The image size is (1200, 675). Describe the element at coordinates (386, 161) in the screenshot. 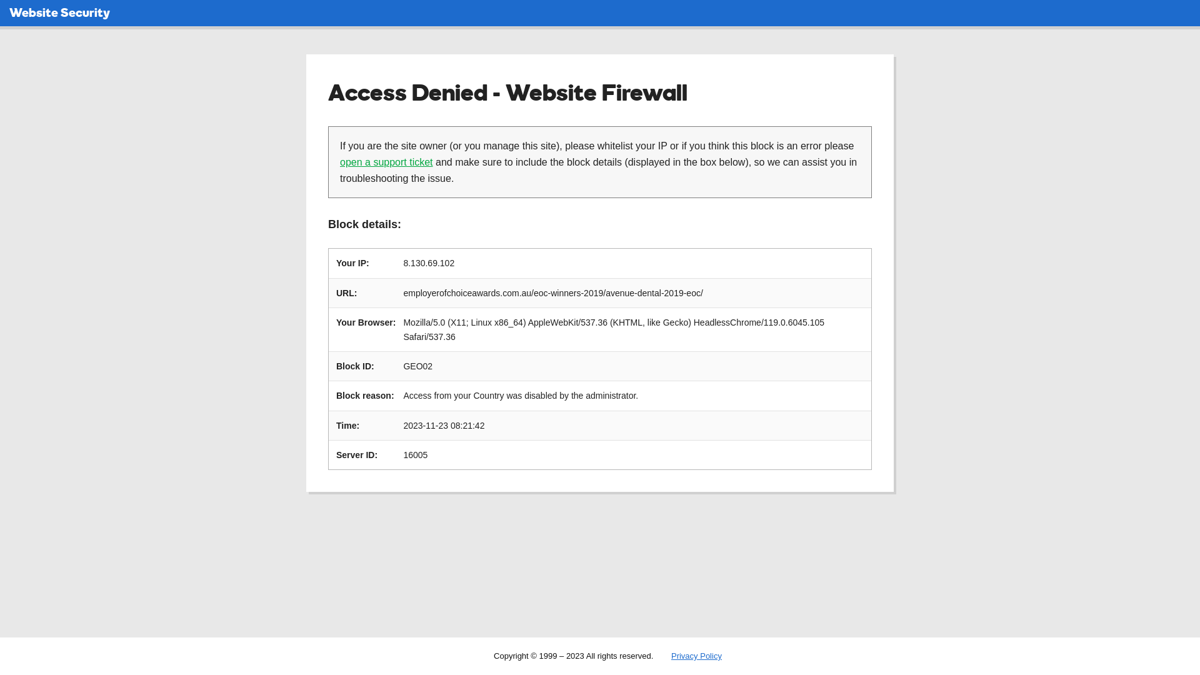

I see `'open a support ticket'` at that location.